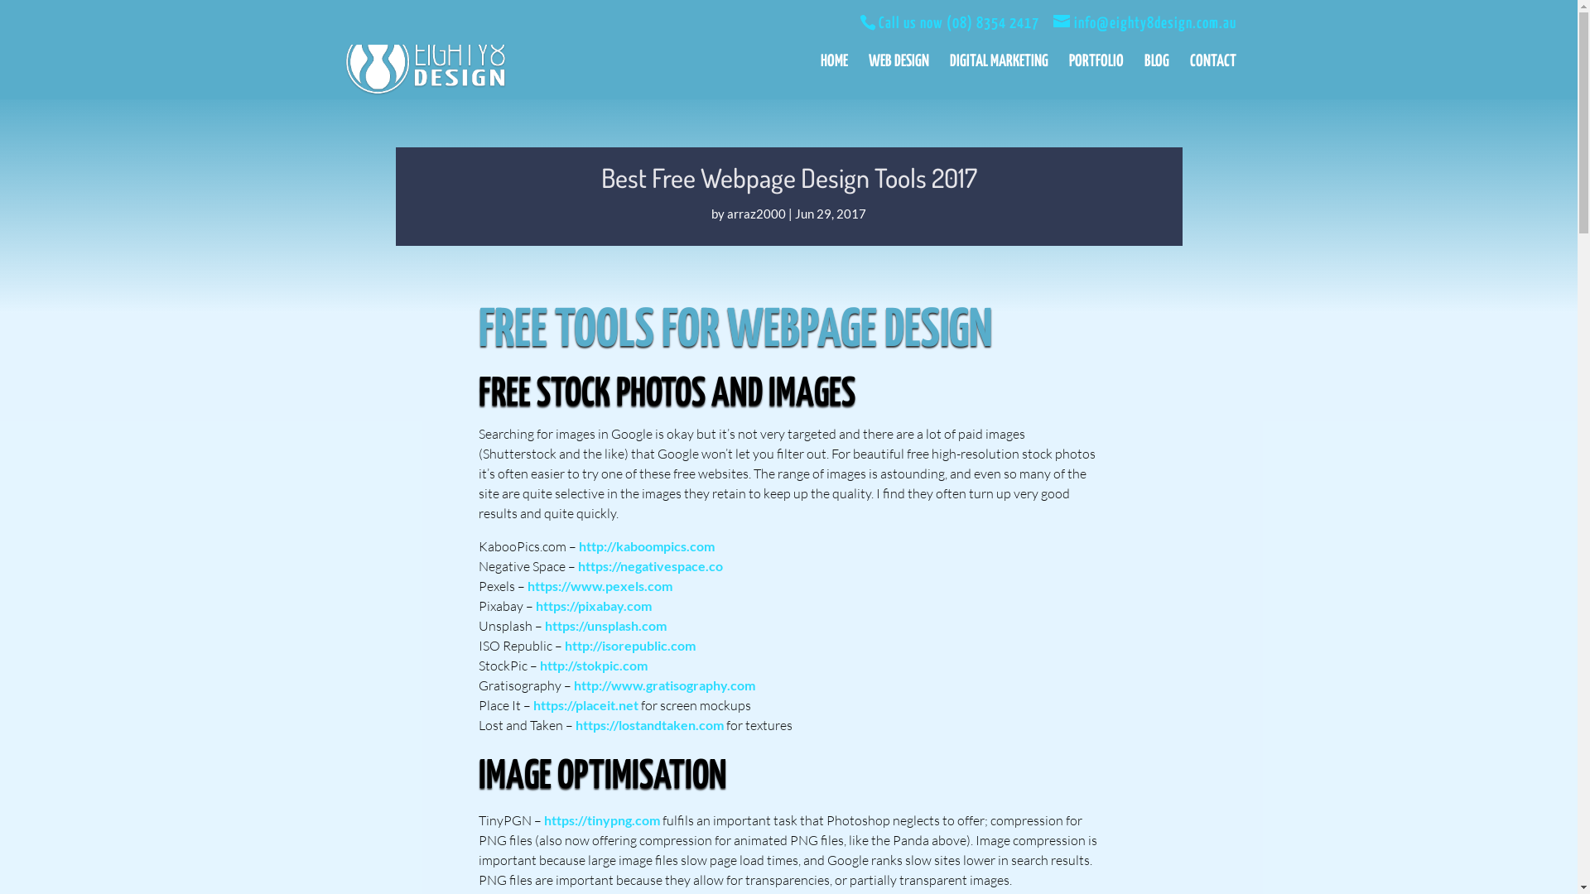  Describe the element at coordinates (1155, 77) in the screenshot. I see `'BLOG'` at that location.